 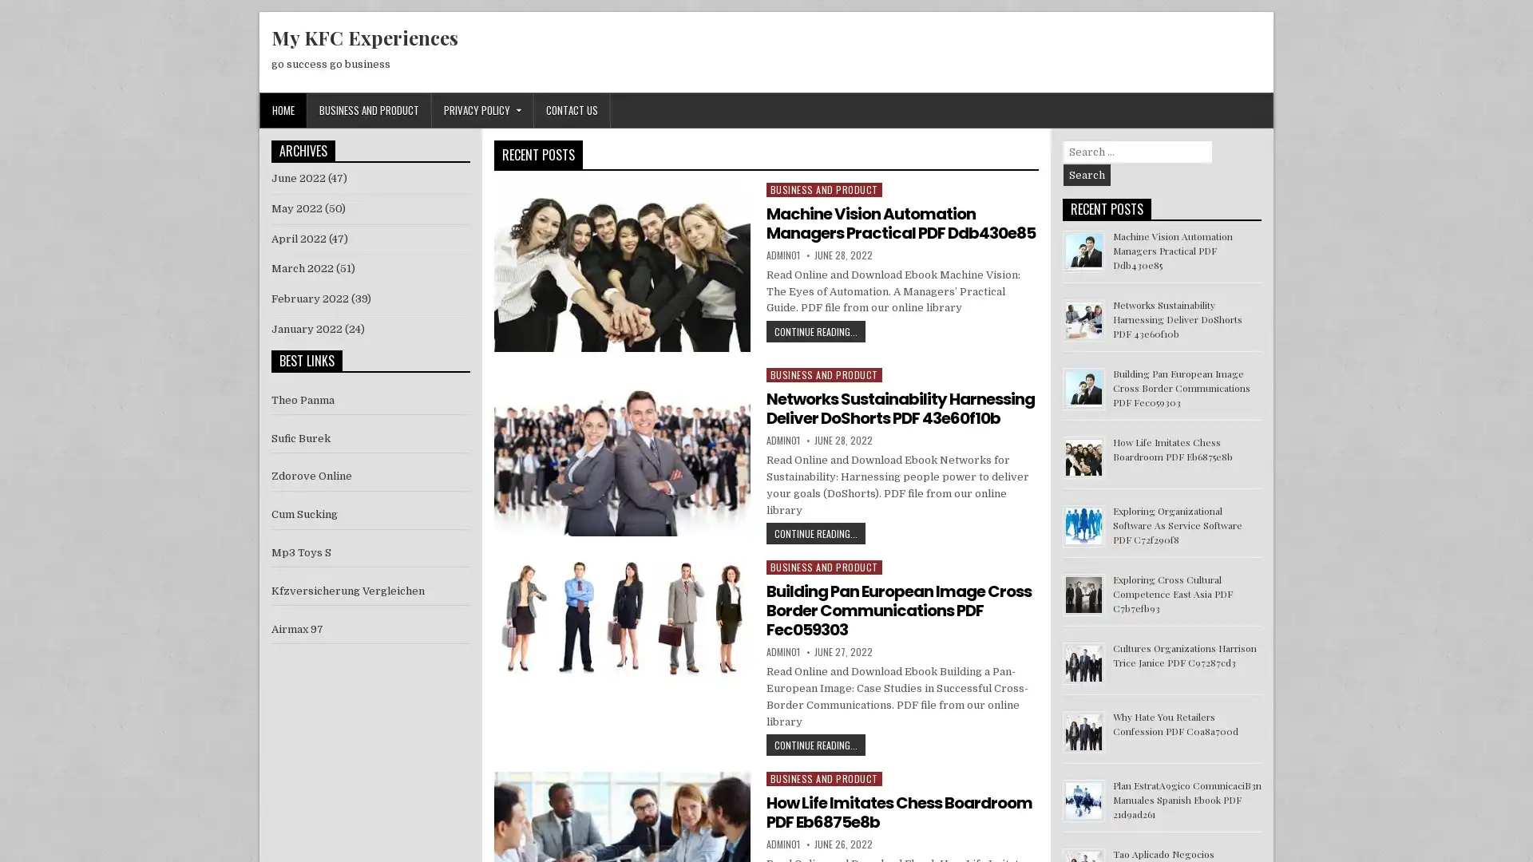 What do you see at coordinates (1086, 175) in the screenshot?
I see `Search` at bounding box center [1086, 175].